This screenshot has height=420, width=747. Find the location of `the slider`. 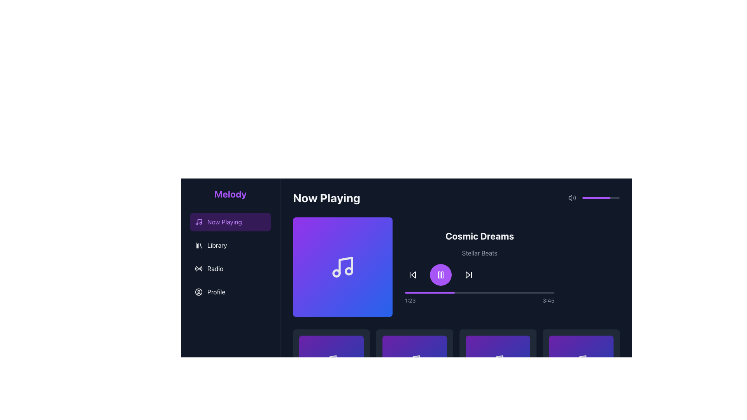

the slider is located at coordinates (596, 198).